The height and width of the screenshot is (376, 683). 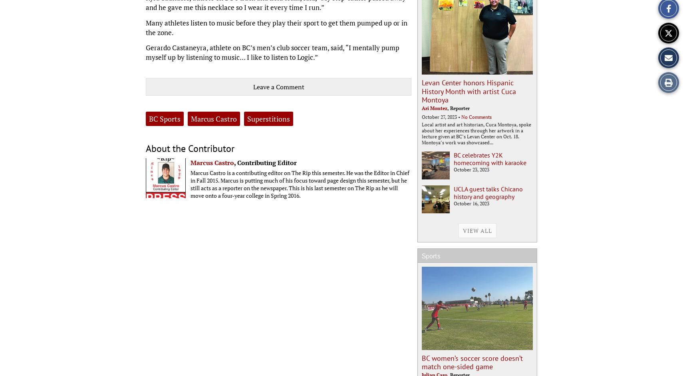 I want to click on 'Local artist and art historian, Cuca Montoya, spoke about her experiences through her artwork in a lecture given at BC’s Levan Center on Oct. 18. Montoya’s work was showcased...', so click(x=476, y=133).